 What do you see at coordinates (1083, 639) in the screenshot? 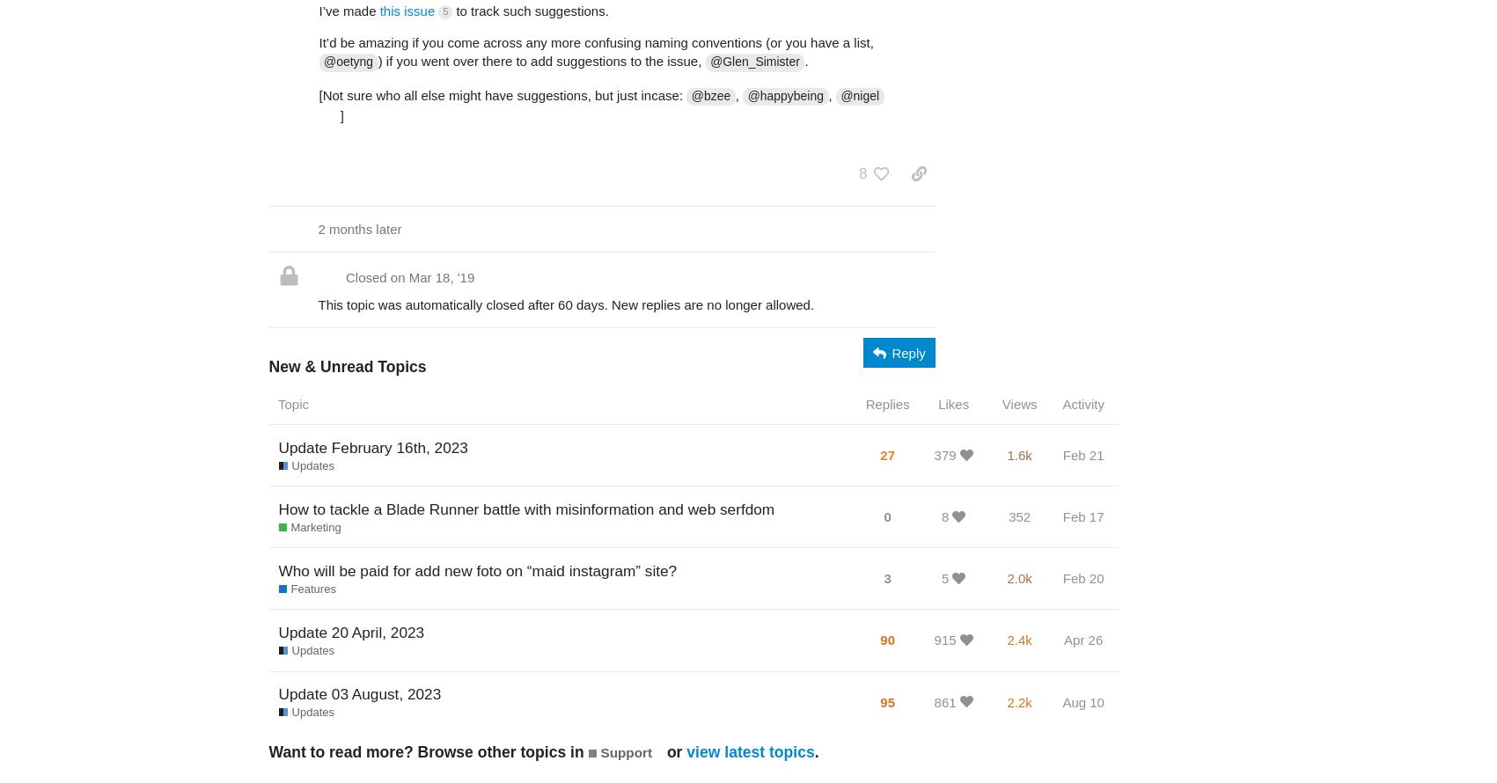
I see `'Apr 26'` at bounding box center [1083, 639].